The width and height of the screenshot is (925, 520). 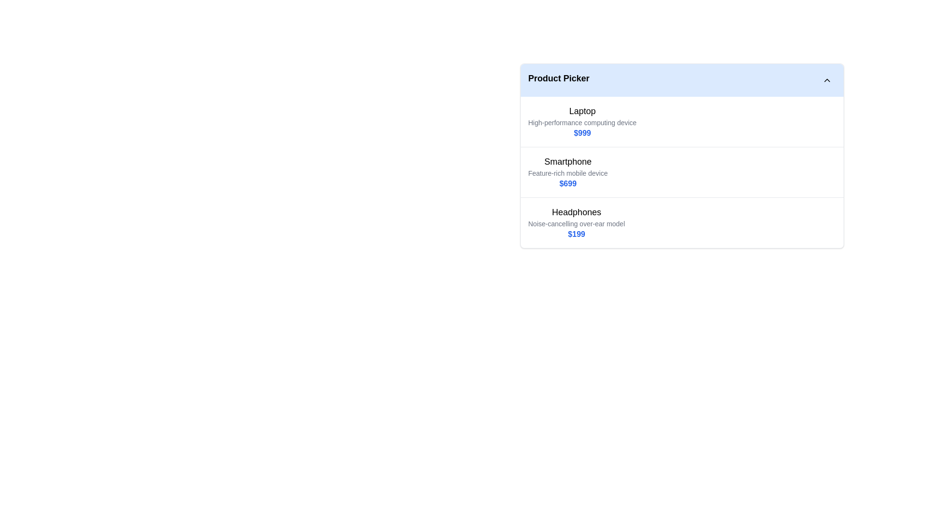 I want to click on the 'Product Picker' label or heading located at the upper-left part of the blue bar interface, so click(x=559, y=79).